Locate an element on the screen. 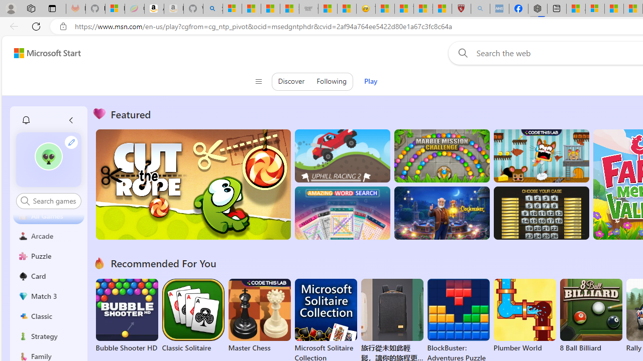 The width and height of the screenshot is (643, 361). 'Deal or No Deal' is located at coordinates (541, 213).